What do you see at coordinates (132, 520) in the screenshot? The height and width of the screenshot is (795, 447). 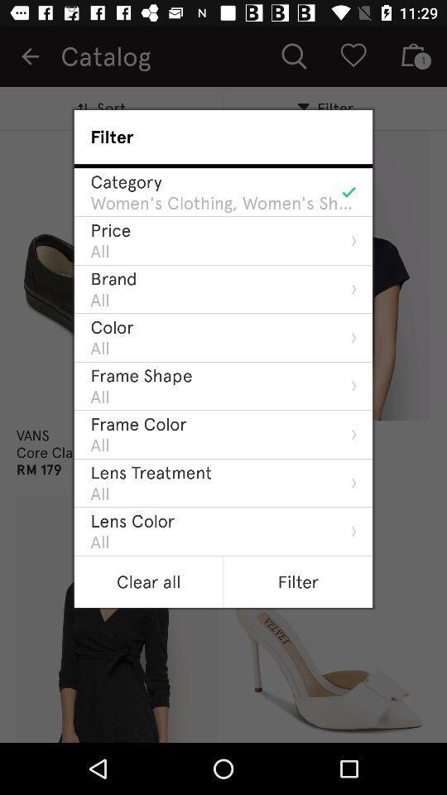 I see `the icon below all icon` at bounding box center [132, 520].